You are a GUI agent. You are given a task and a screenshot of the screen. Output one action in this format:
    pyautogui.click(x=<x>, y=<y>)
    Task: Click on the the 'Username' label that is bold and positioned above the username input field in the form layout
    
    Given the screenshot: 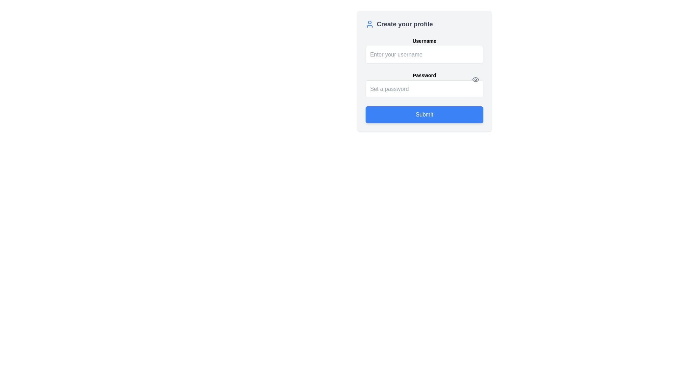 What is the action you would take?
    pyautogui.click(x=424, y=41)
    